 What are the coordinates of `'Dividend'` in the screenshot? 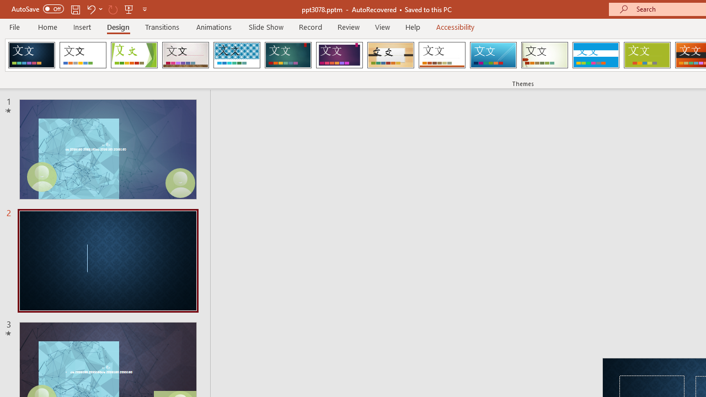 It's located at (31, 55).